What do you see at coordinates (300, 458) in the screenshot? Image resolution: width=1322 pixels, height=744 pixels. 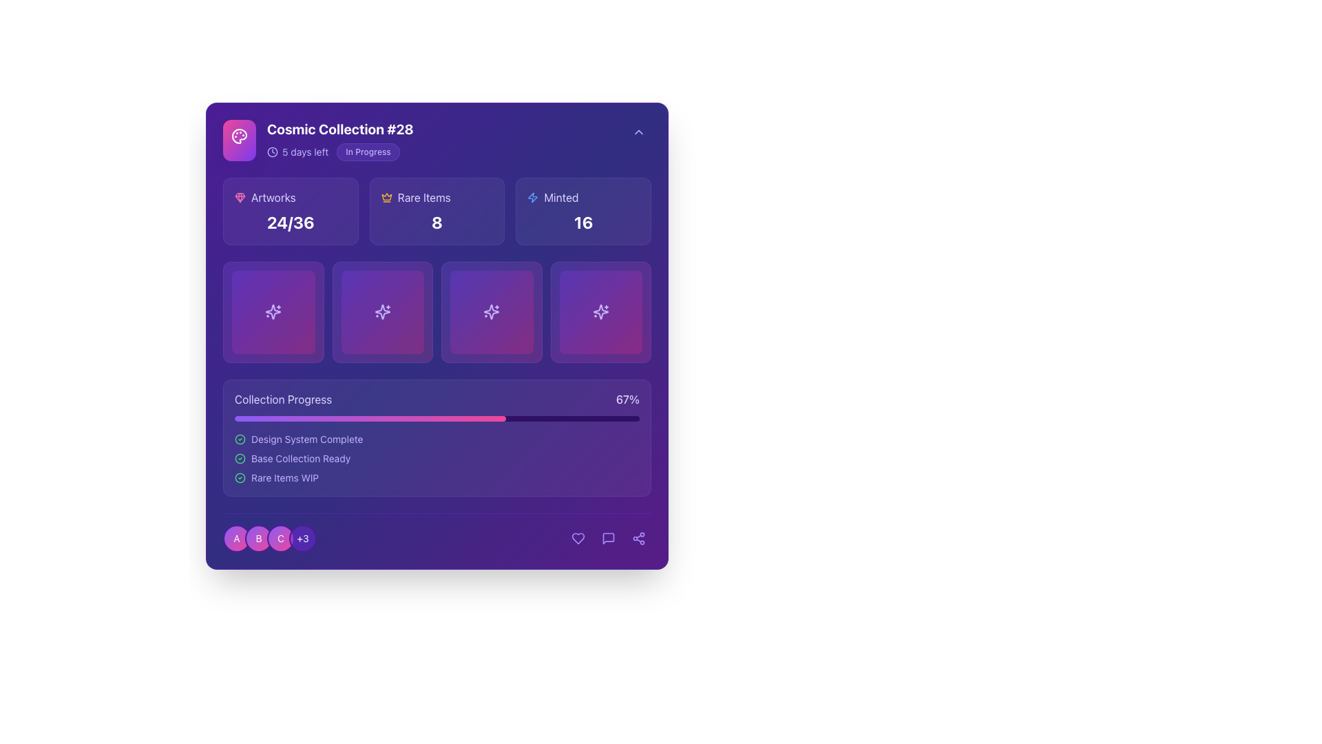 I see `the text label displaying 'Base Collection Ready', which is the second entry in the vertically stacked list within the 'Collection Progress' panel` at bounding box center [300, 458].